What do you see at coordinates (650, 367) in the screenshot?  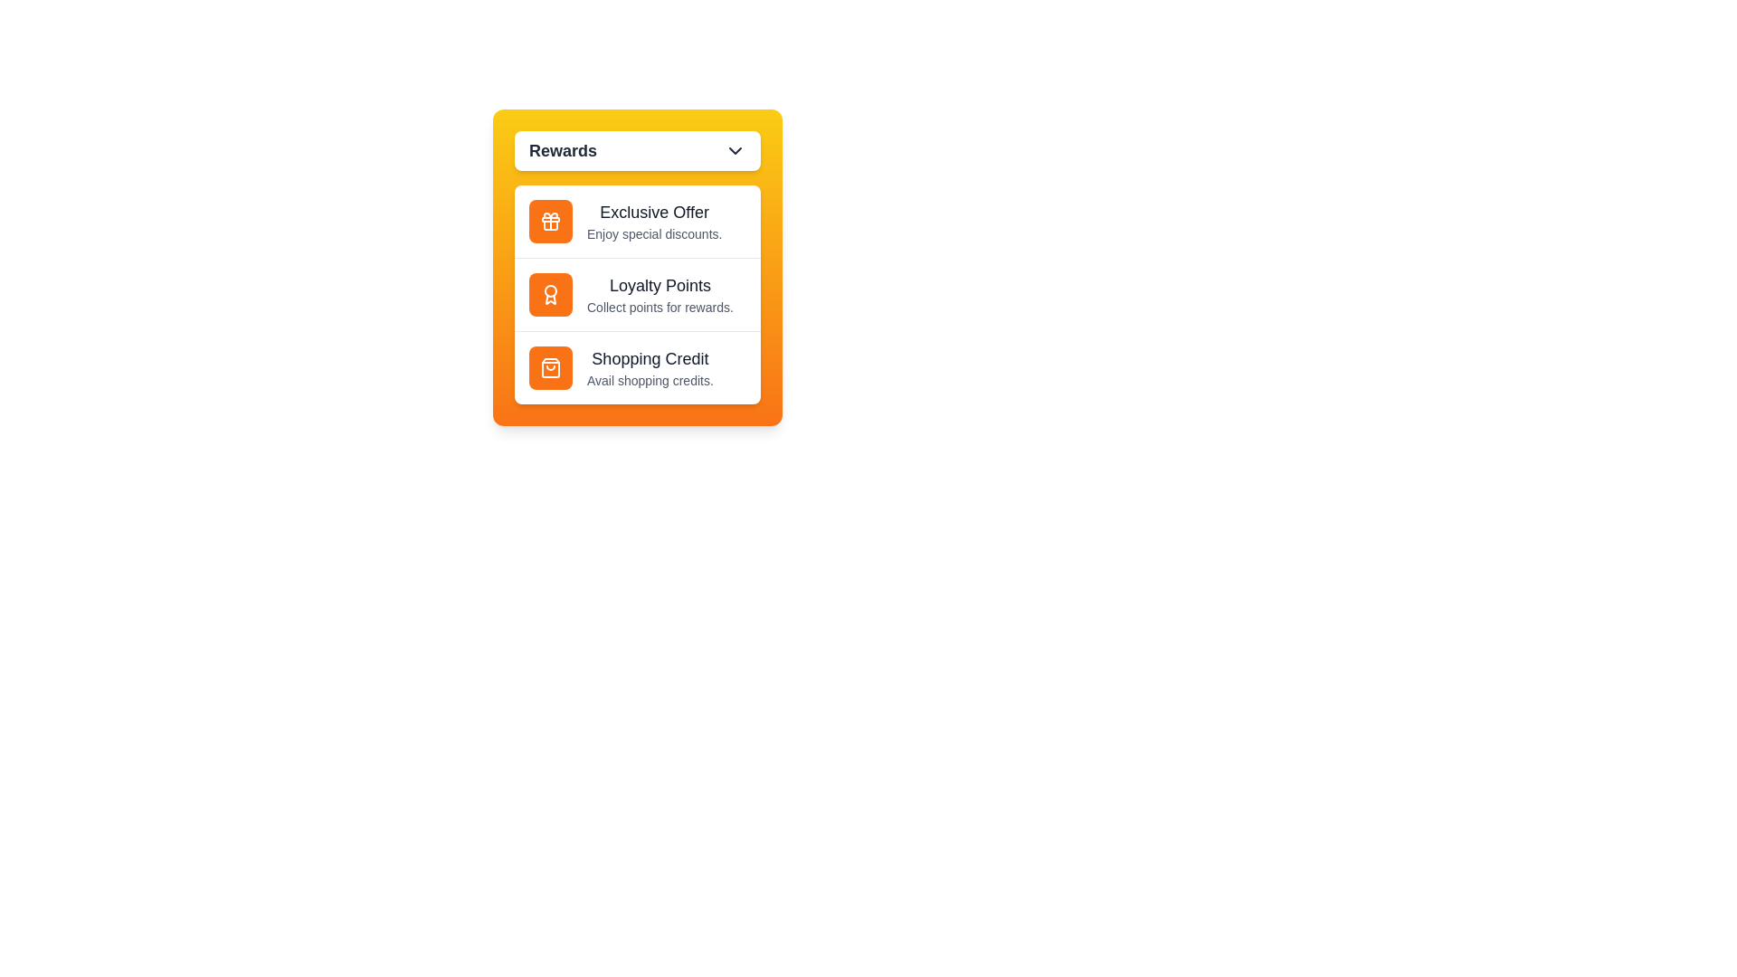 I see `the informational list item about shopping credits` at bounding box center [650, 367].